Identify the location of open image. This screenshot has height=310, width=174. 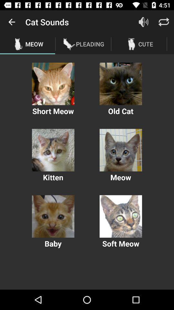
(121, 150).